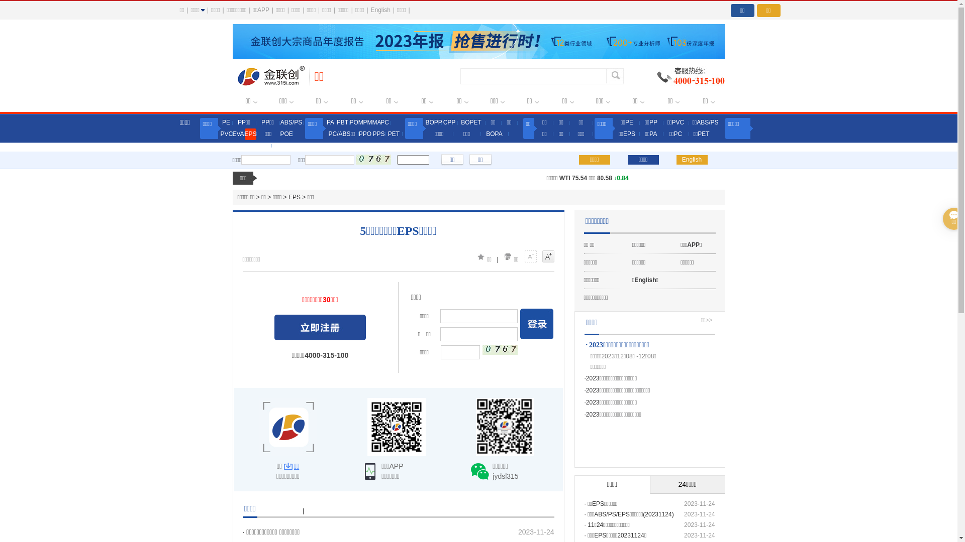 The height and width of the screenshot is (542, 965). I want to click on 'PPO', so click(364, 133).